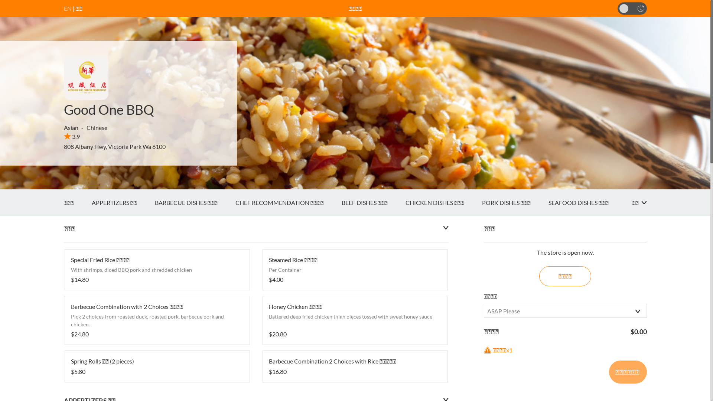 The height and width of the screenshot is (401, 713). What do you see at coordinates (64, 136) in the screenshot?
I see `'3.9'` at bounding box center [64, 136].